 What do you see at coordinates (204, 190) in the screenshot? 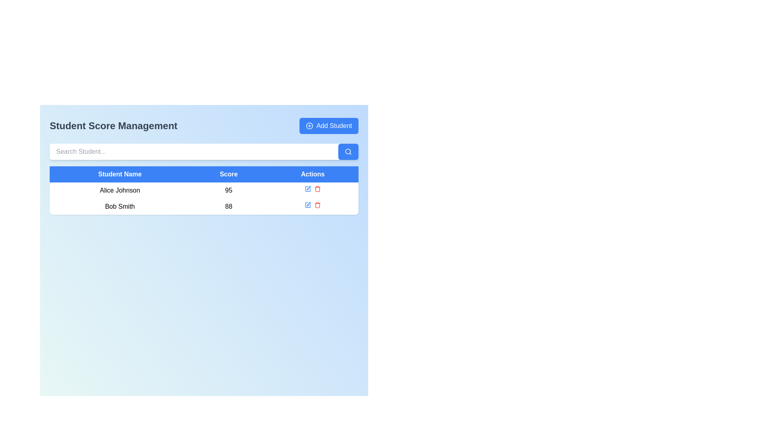
I see `the first row of the table that represents the student entry for 'Alice Johnson' with a score of '95', as it is interactive` at bounding box center [204, 190].